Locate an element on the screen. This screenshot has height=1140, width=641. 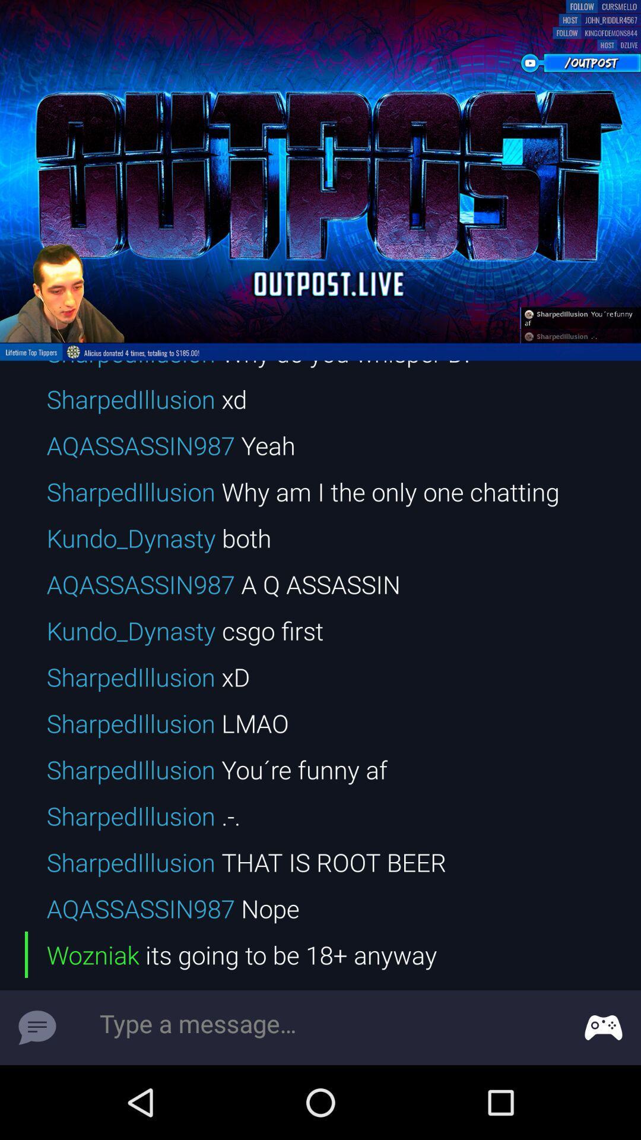
game is located at coordinates (604, 1027).